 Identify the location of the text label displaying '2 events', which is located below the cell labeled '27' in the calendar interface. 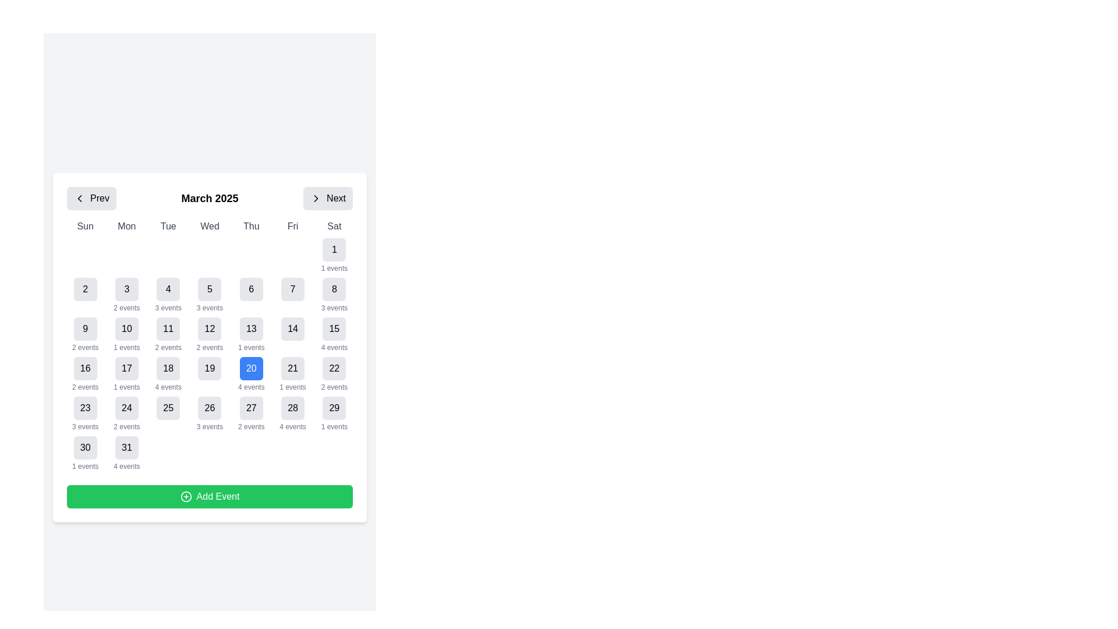
(250, 426).